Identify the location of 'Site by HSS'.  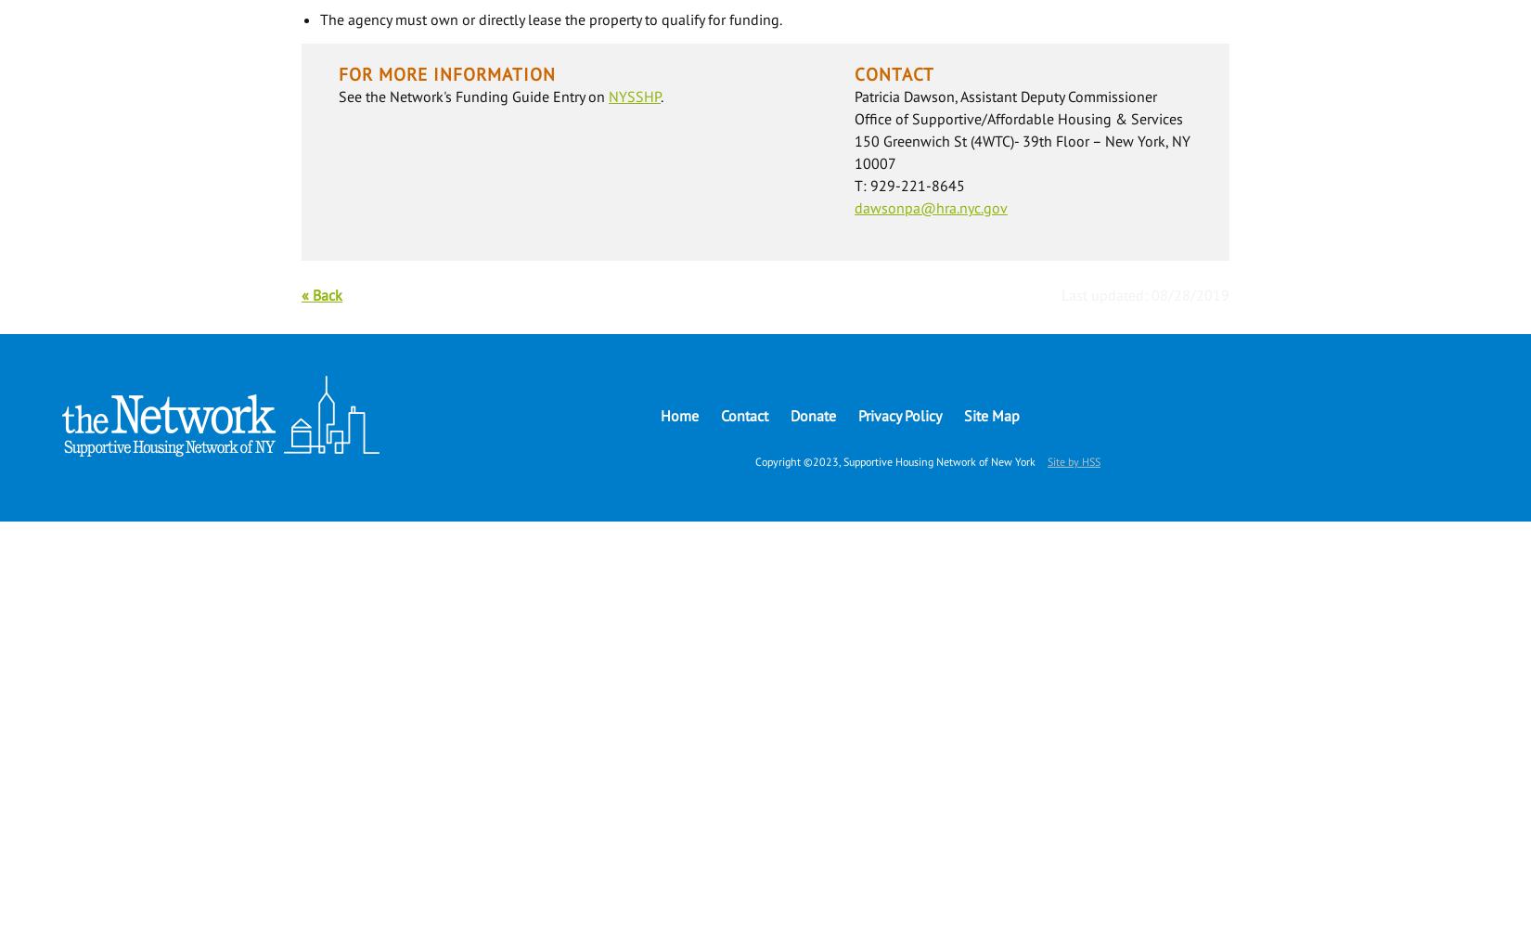
(1074, 460).